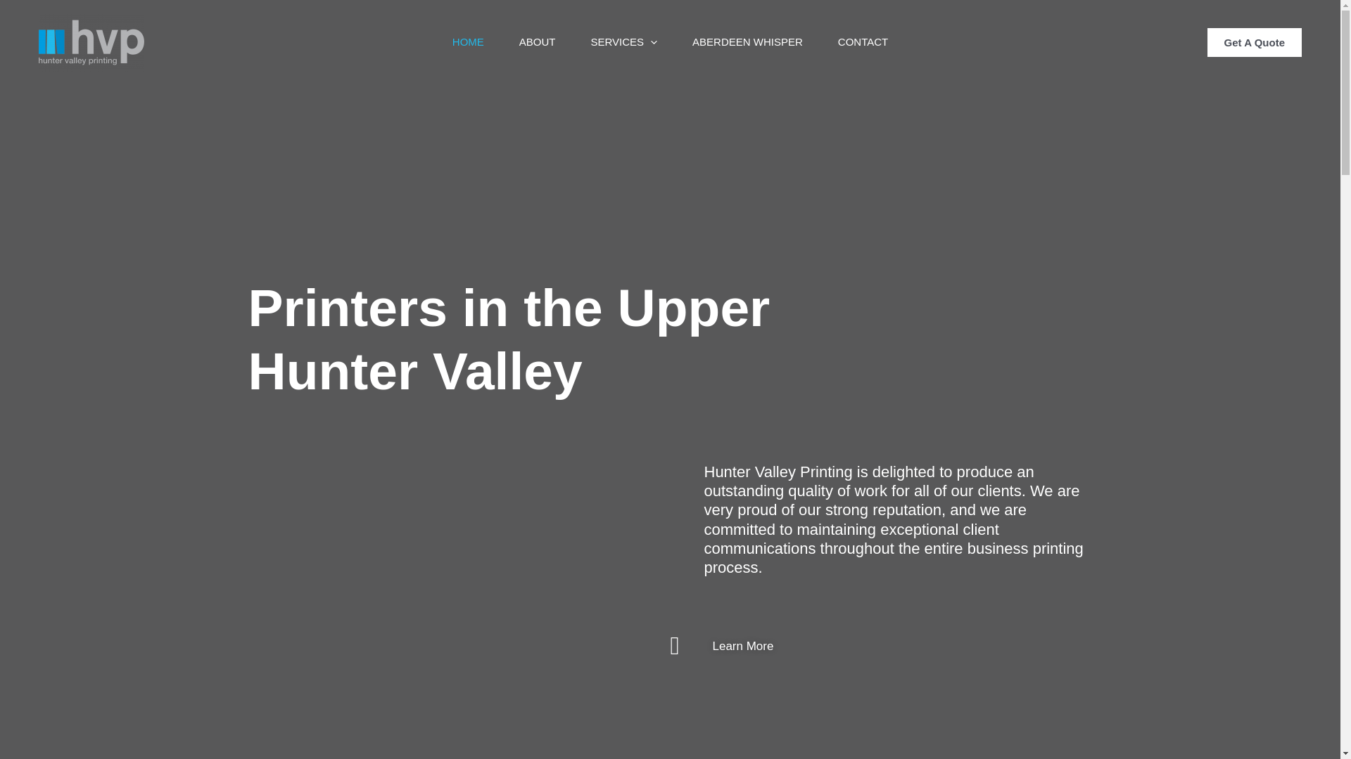 This screenshot has width=1351, height=759. I want to click on 'ABOUT', so click(502, 41).